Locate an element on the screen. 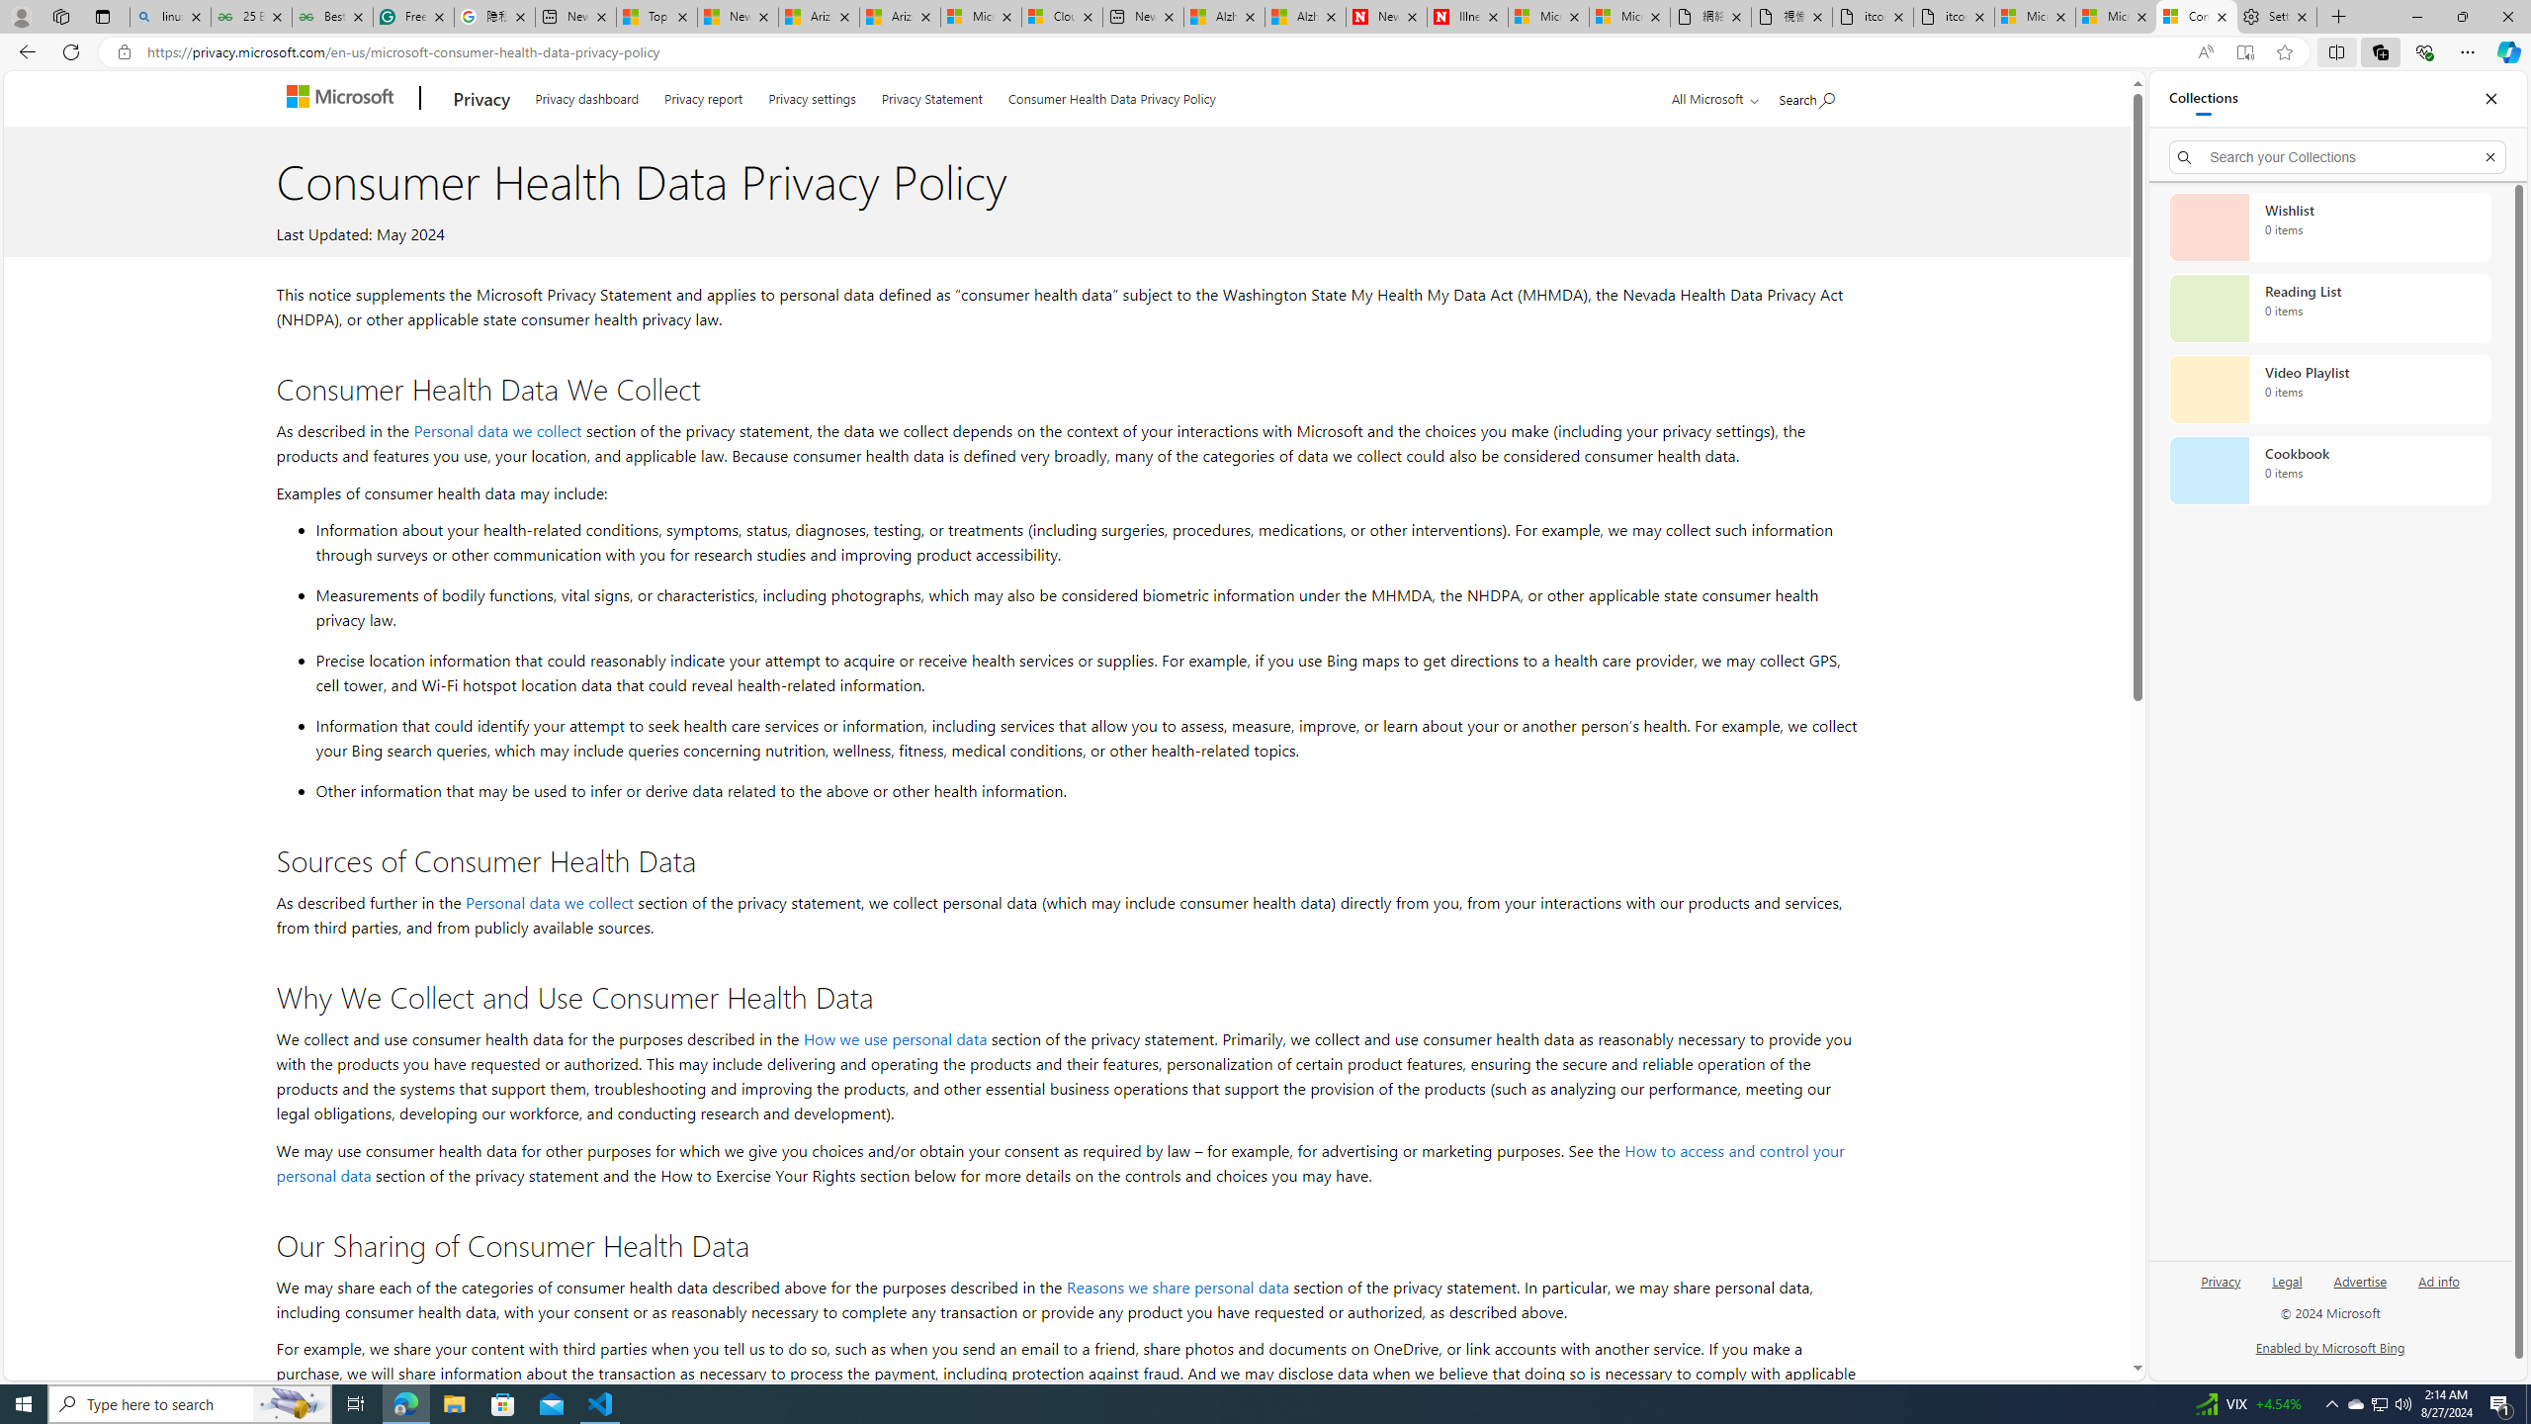 The height and width of the screenshot is (1424, 2531). 'Privacy settings' is located at coordinates (811, 95).